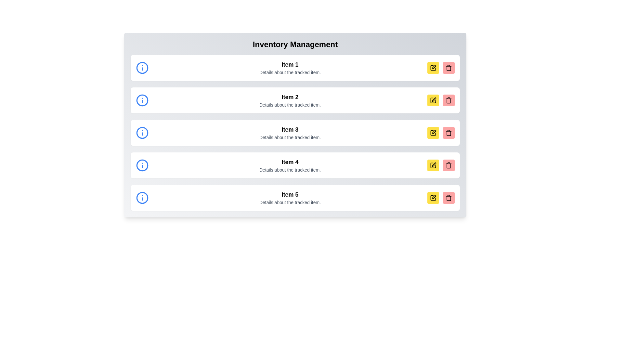 This screenshot has height=351, width=624. Describe the element at coordinates (142, 100) in the screenshot. I see `the second circular element of the 'info' icon, which is part of a vertical list of five similar icons, located on the left side of the second row of the inventory list` at that location.